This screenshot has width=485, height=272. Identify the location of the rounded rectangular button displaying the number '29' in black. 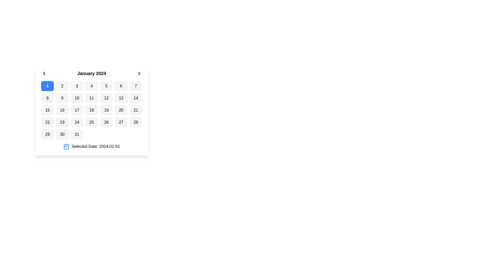
(47, 134).